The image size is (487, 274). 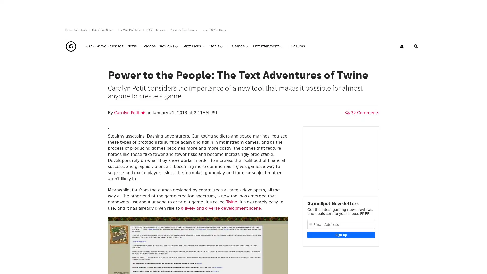 I want to click on Sign Up, so click(x=341, y=244).